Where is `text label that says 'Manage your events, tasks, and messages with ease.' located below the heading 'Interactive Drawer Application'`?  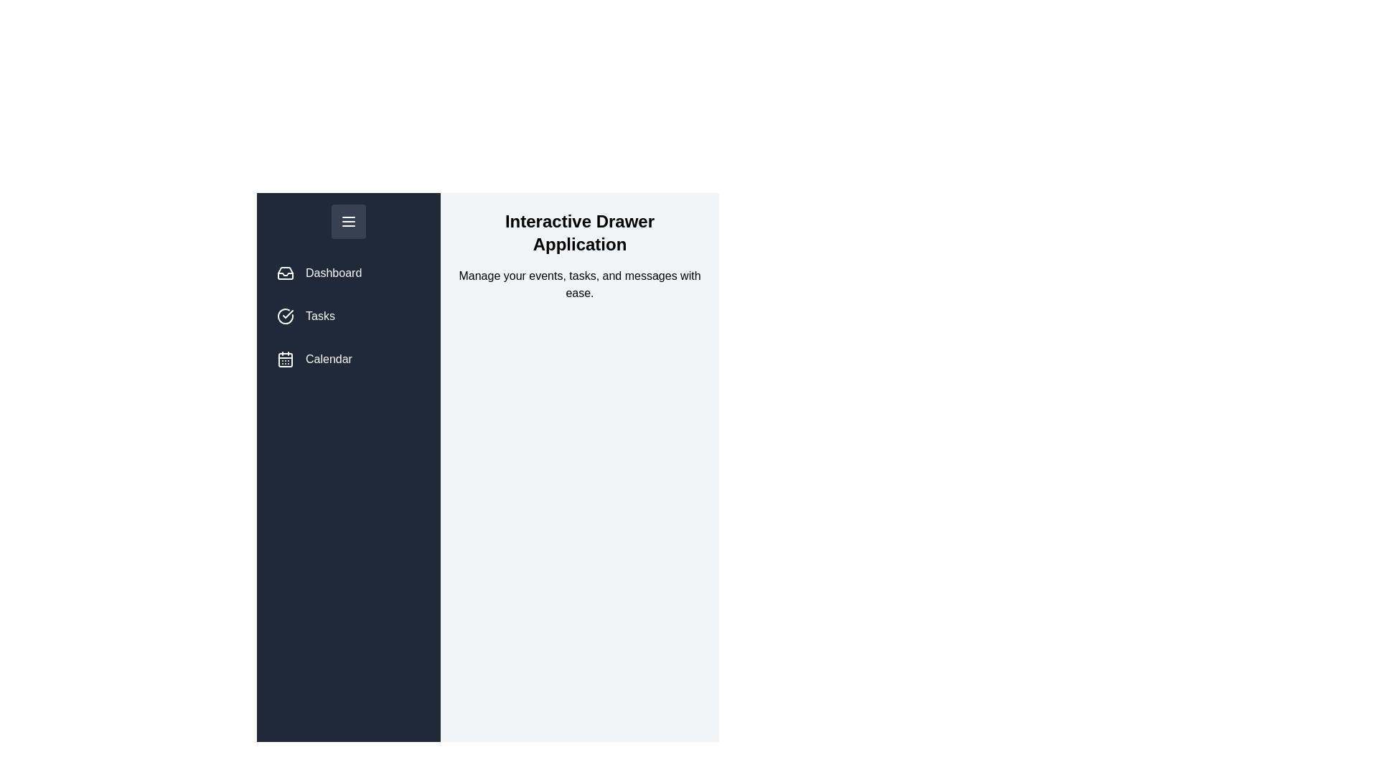
text label that says 'Manage your events, tasks, and messages with ease.' located below the heading 'Interactive Drawer Application' is located at coordinates (579, 285).